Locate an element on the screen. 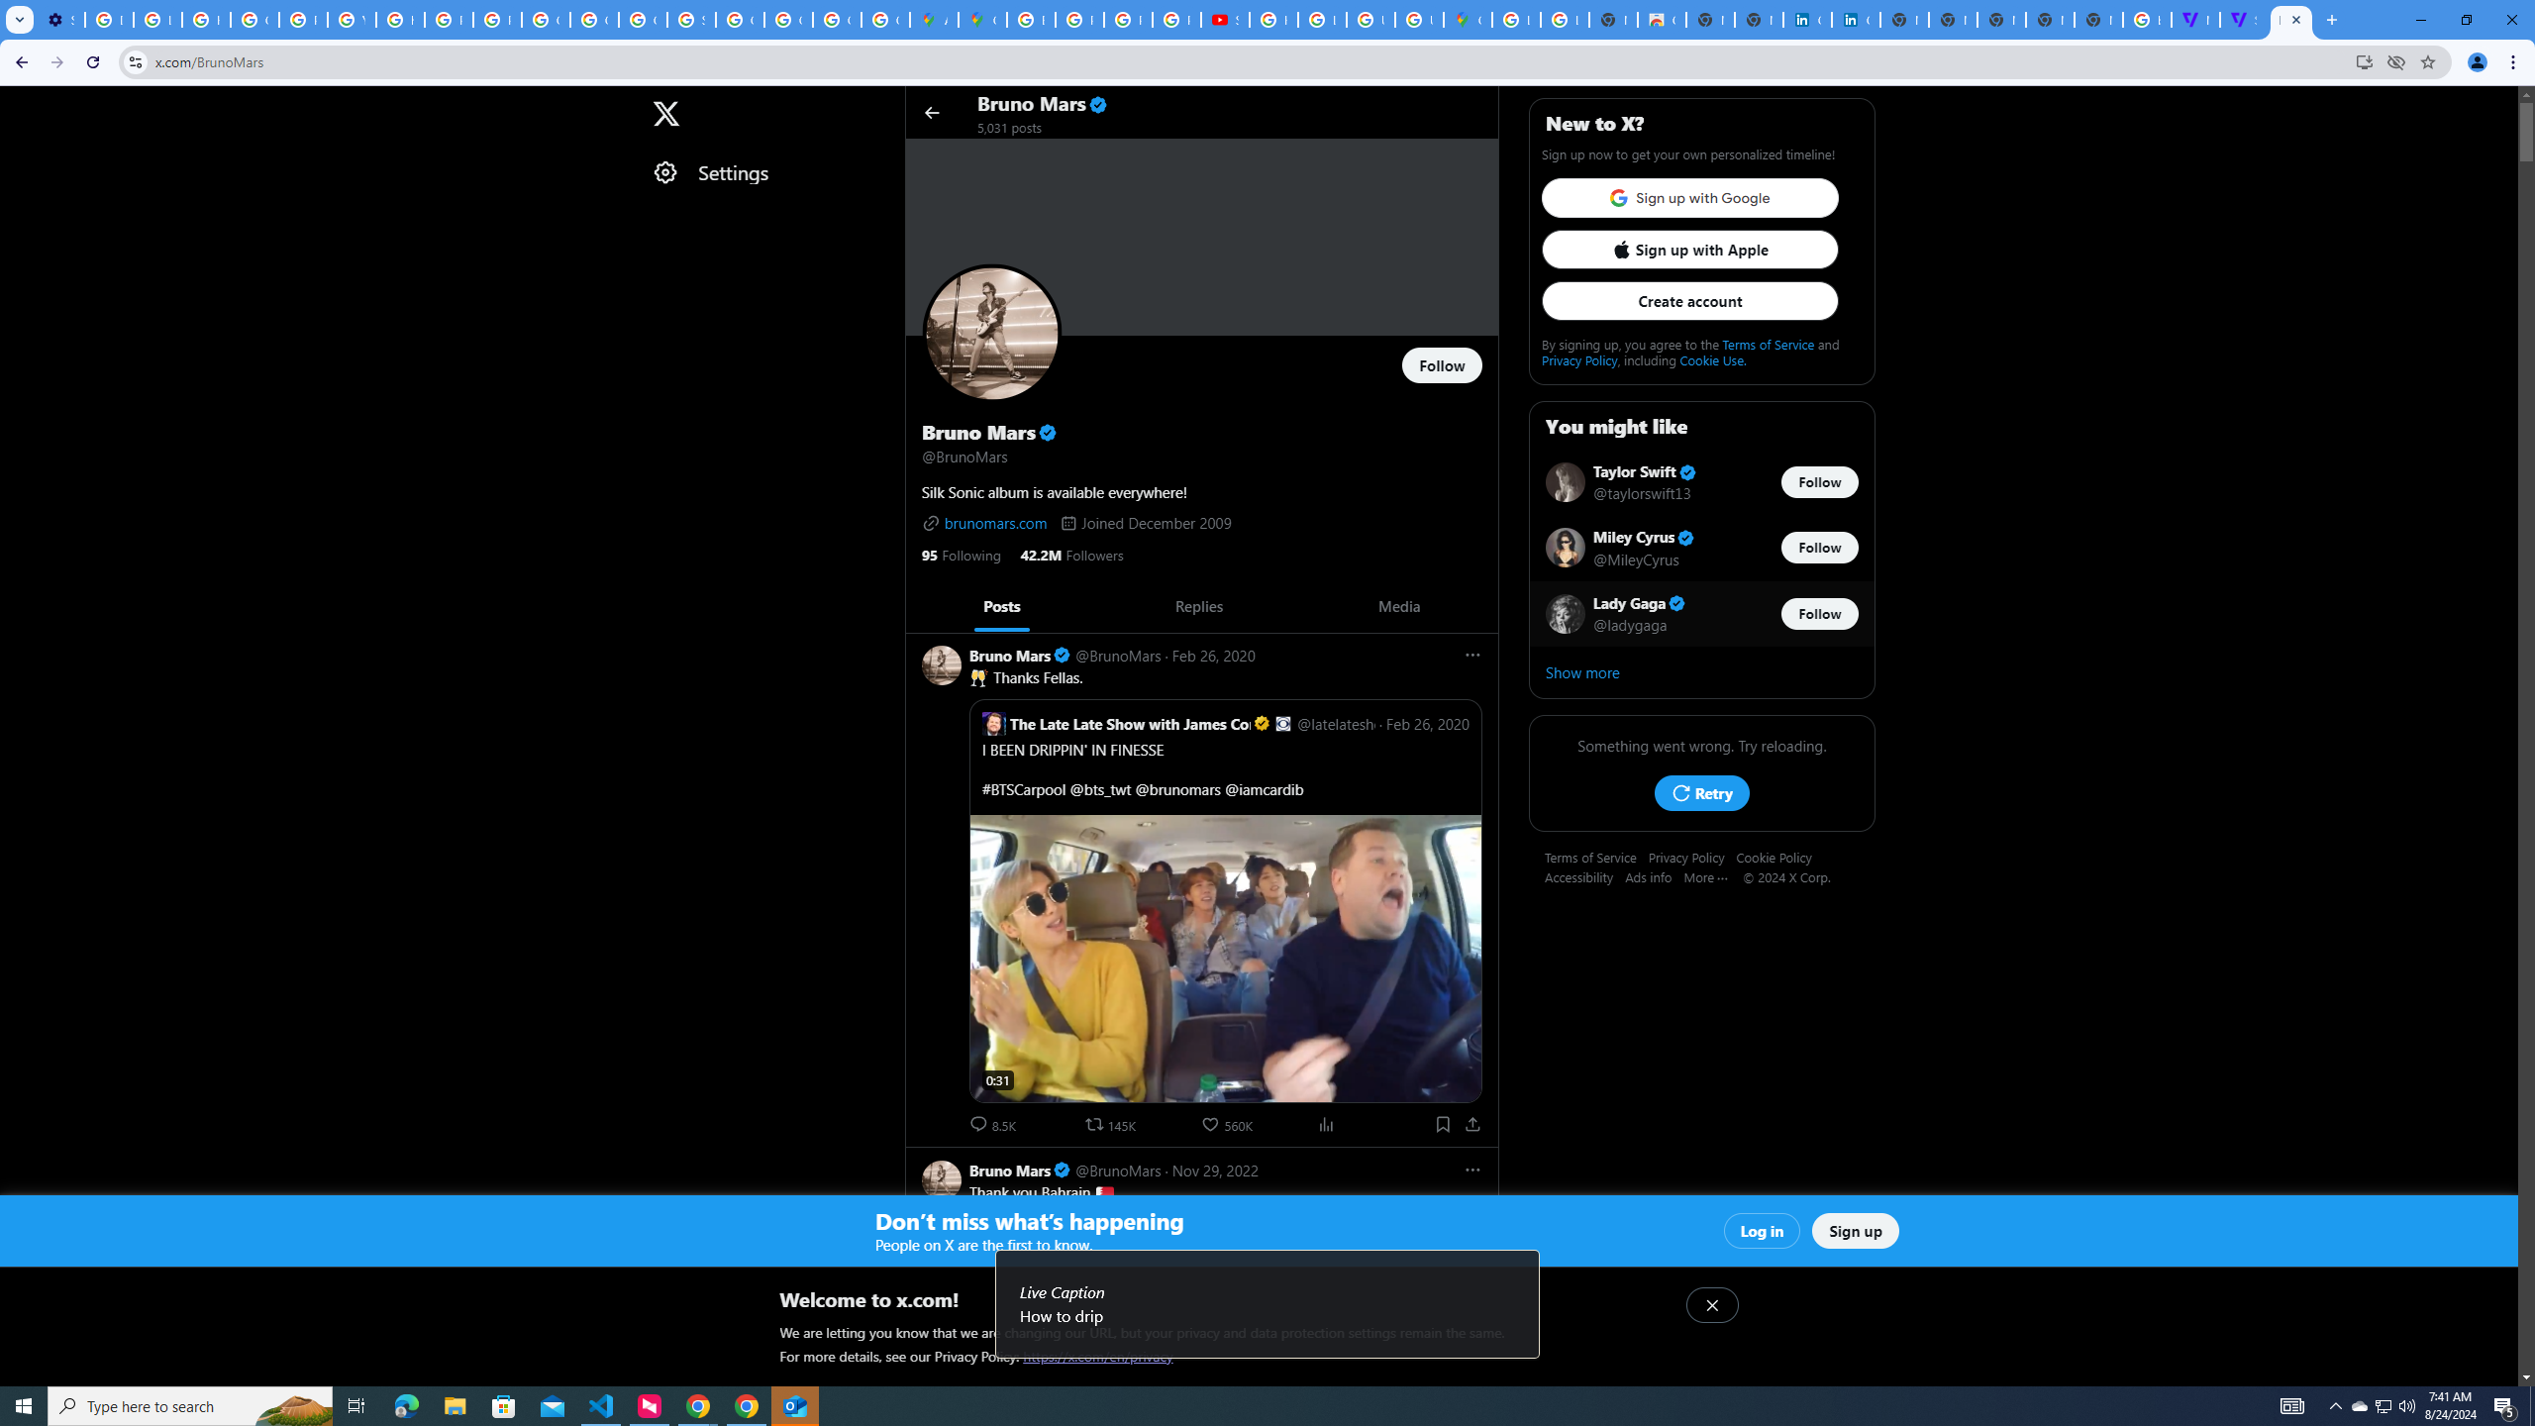 This screenshot has width=2535, height=1426. 'Cookie Policy' is located at coordinates (1779, 857).